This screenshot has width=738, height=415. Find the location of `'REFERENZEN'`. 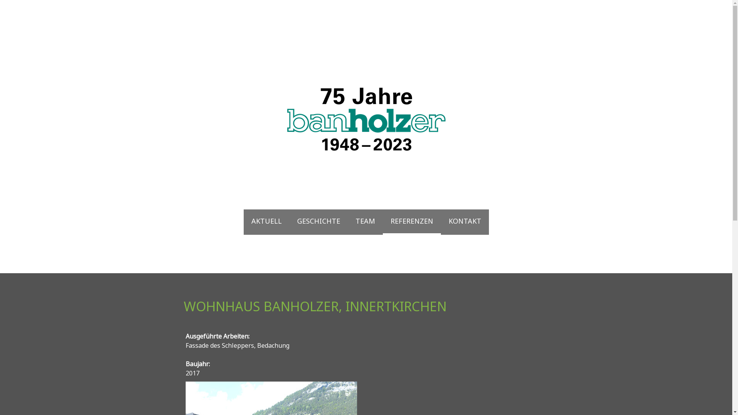

'REFERENZEN' is located at coordinates (411, 222).